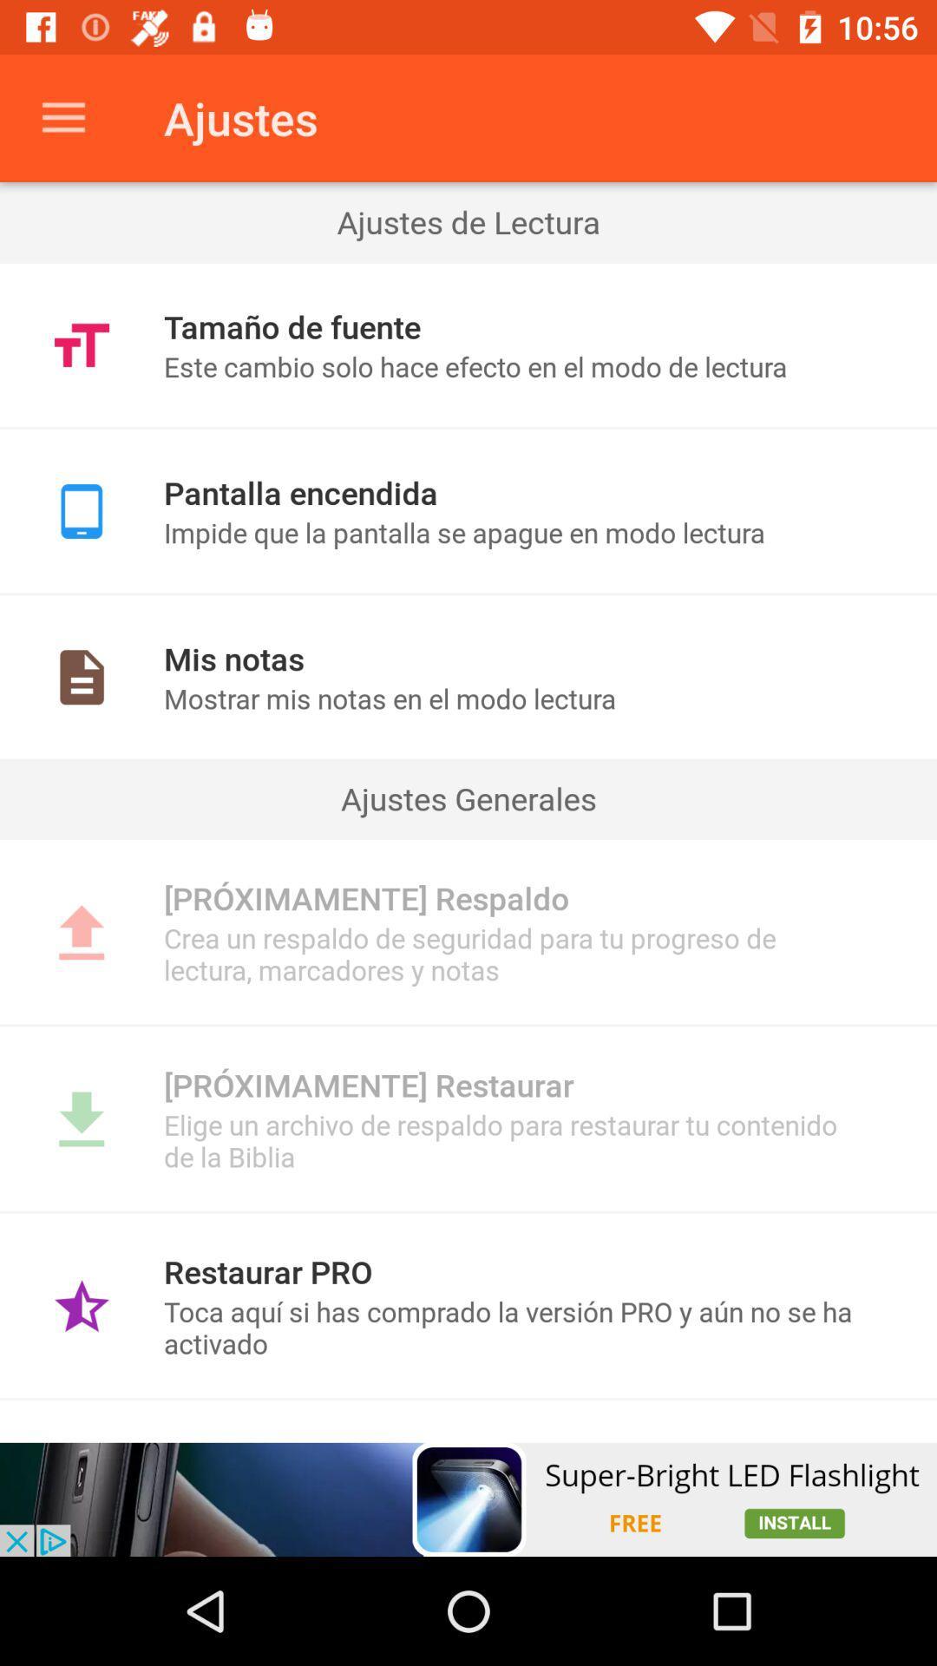  What do you see at coordinates (513, 531) in the screenshot?
I see `impide que la` at bounding box center [513, 531].